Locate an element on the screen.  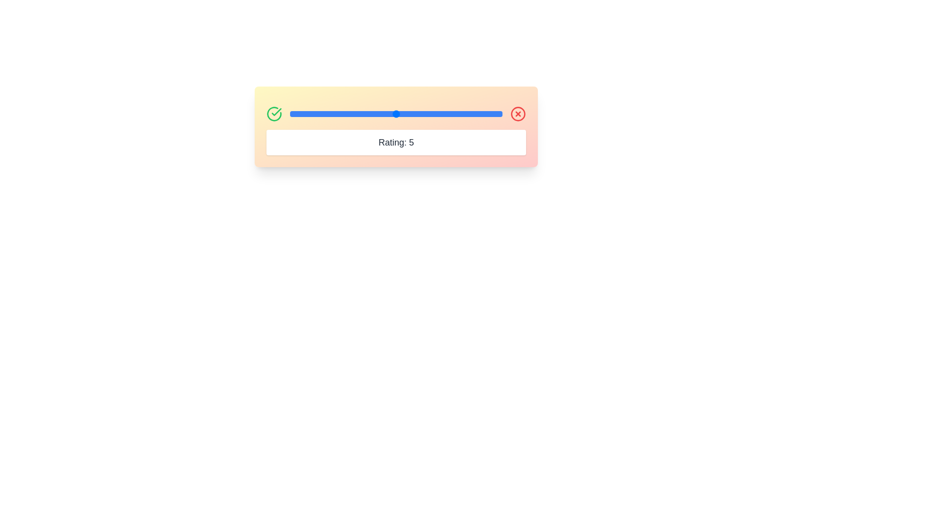
the slider value is located at coordinates (459, 113).